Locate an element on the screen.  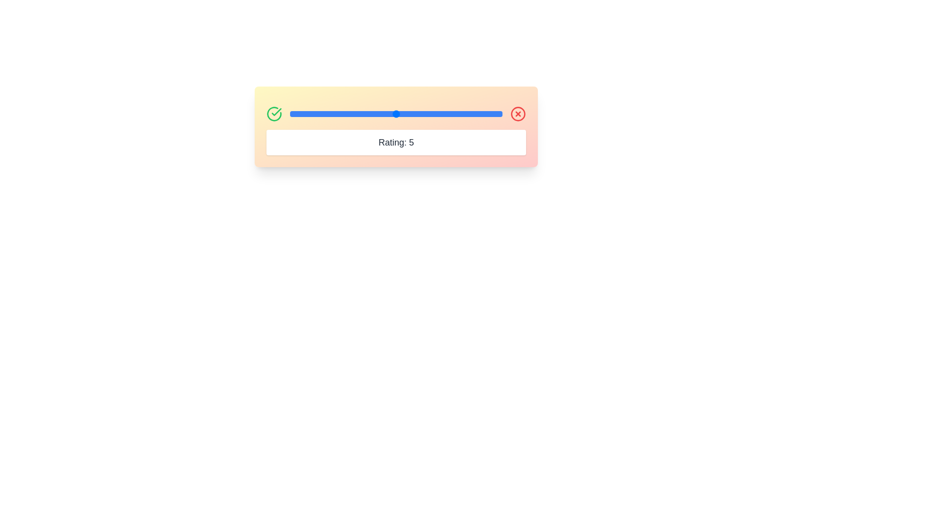
the slider value is located at coordinates (459, 113).